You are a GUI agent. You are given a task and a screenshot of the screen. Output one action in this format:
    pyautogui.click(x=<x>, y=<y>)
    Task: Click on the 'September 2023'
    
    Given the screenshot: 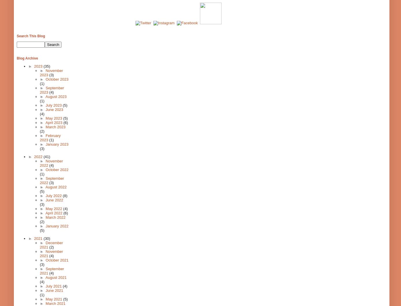 What is the action you would take?
    pyautogui.click(x=51, y=90)
    